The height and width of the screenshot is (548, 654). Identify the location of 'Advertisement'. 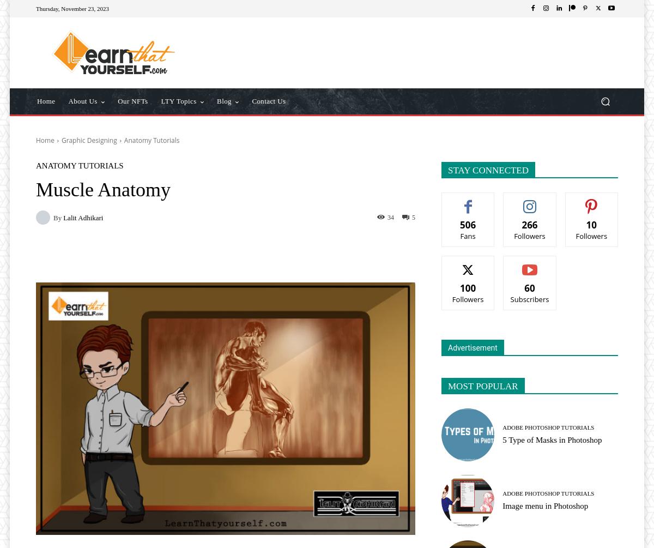
(472, 347).